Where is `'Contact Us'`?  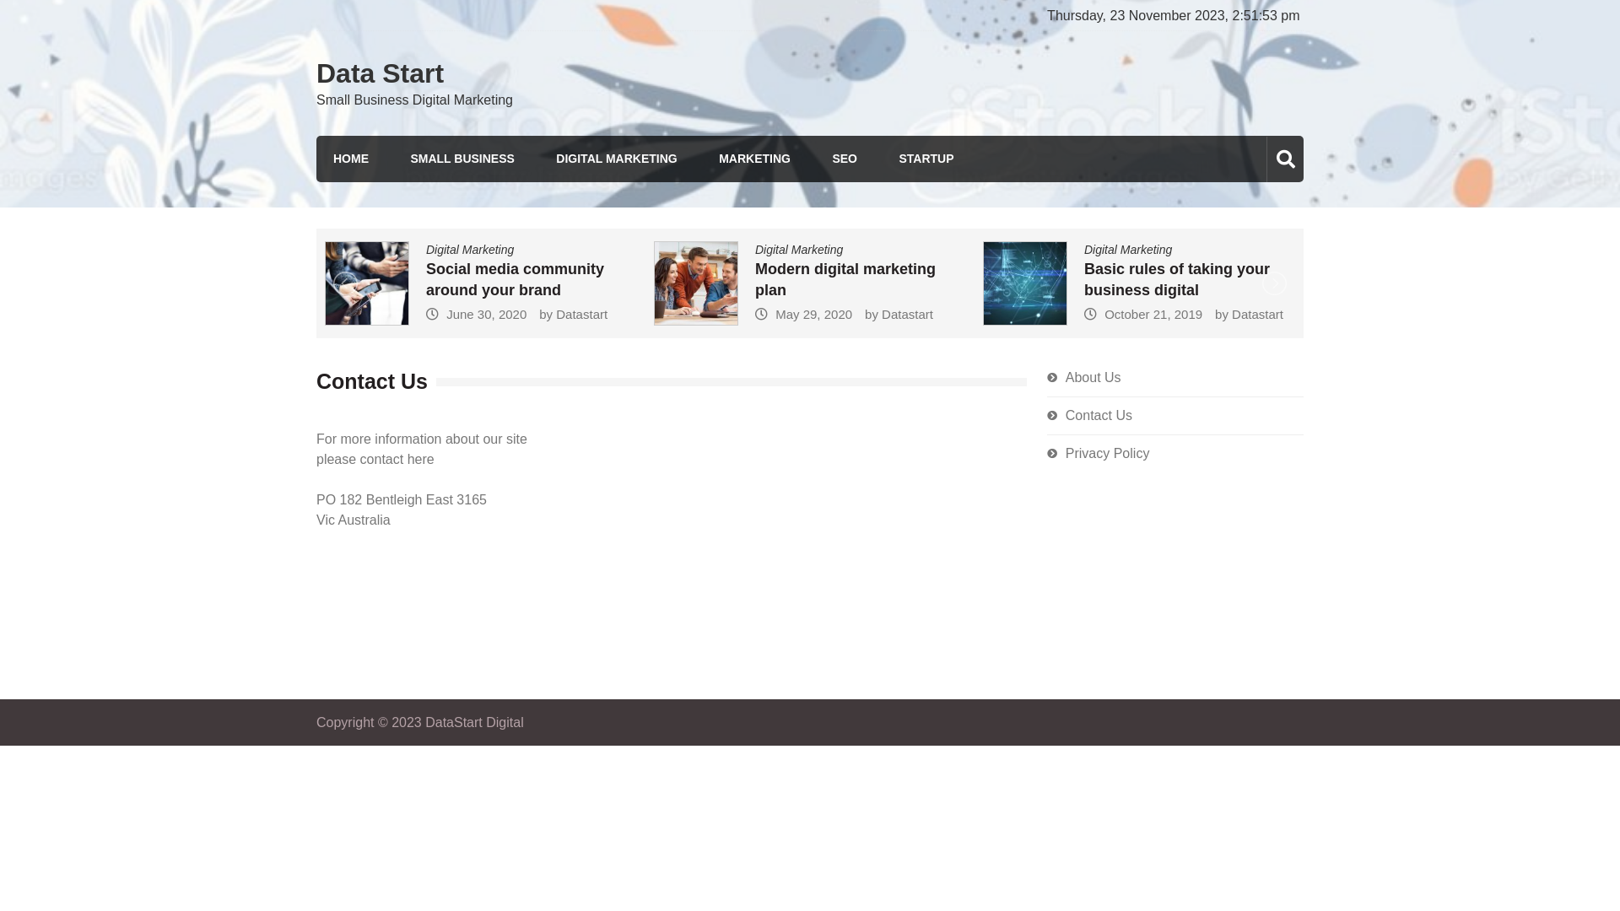
'Contact Us' is located at coordinates (1099, 415).